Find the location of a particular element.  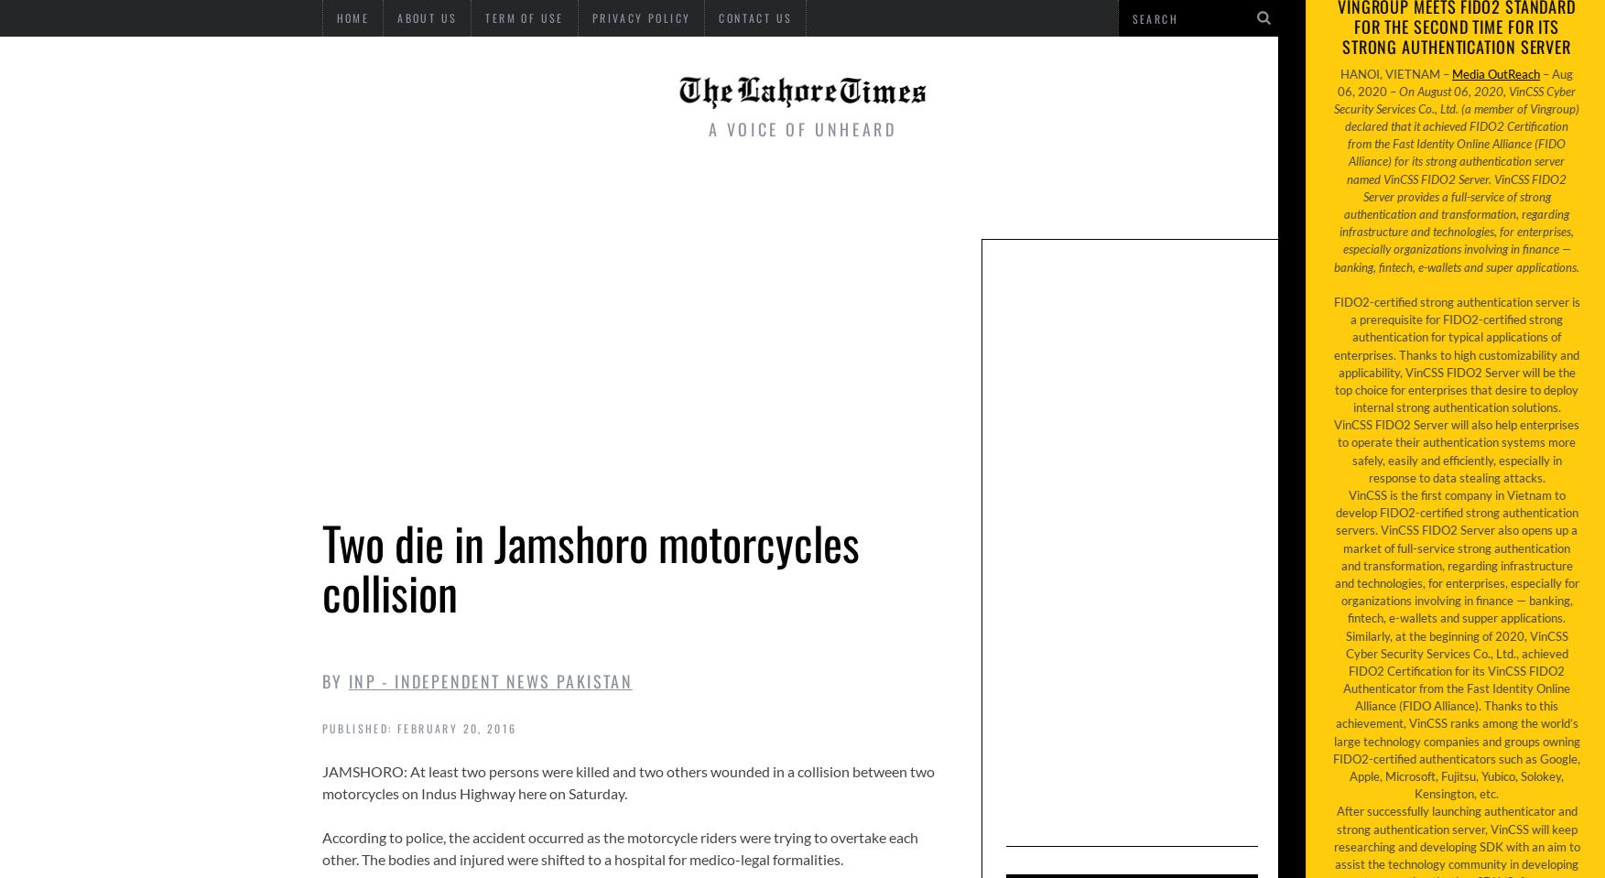

'Entertainment' is located at coordinates (768, 193).